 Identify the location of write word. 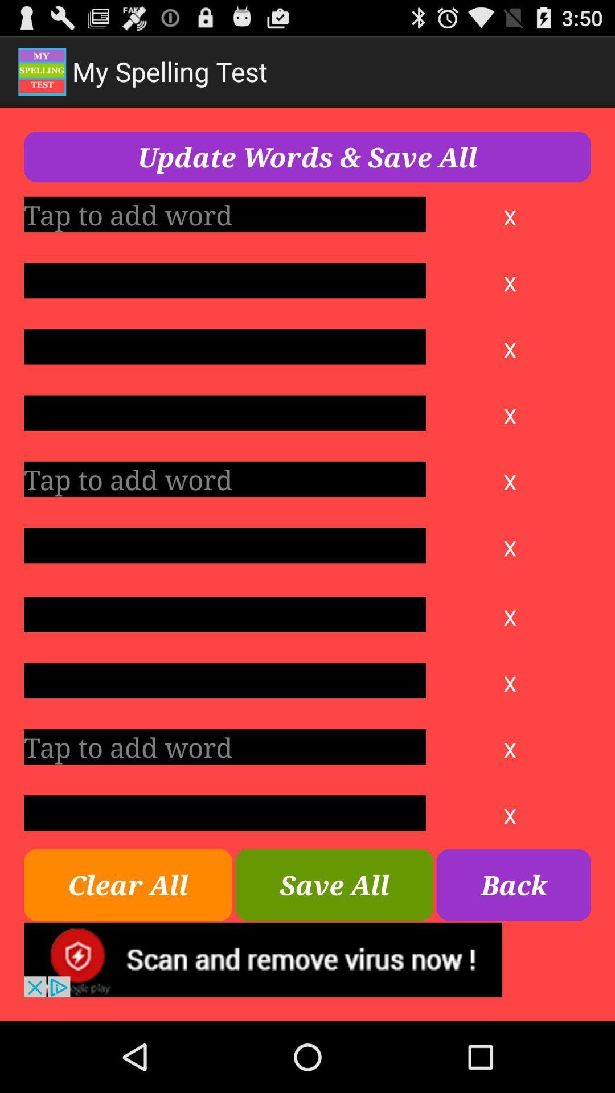
(224, 346).